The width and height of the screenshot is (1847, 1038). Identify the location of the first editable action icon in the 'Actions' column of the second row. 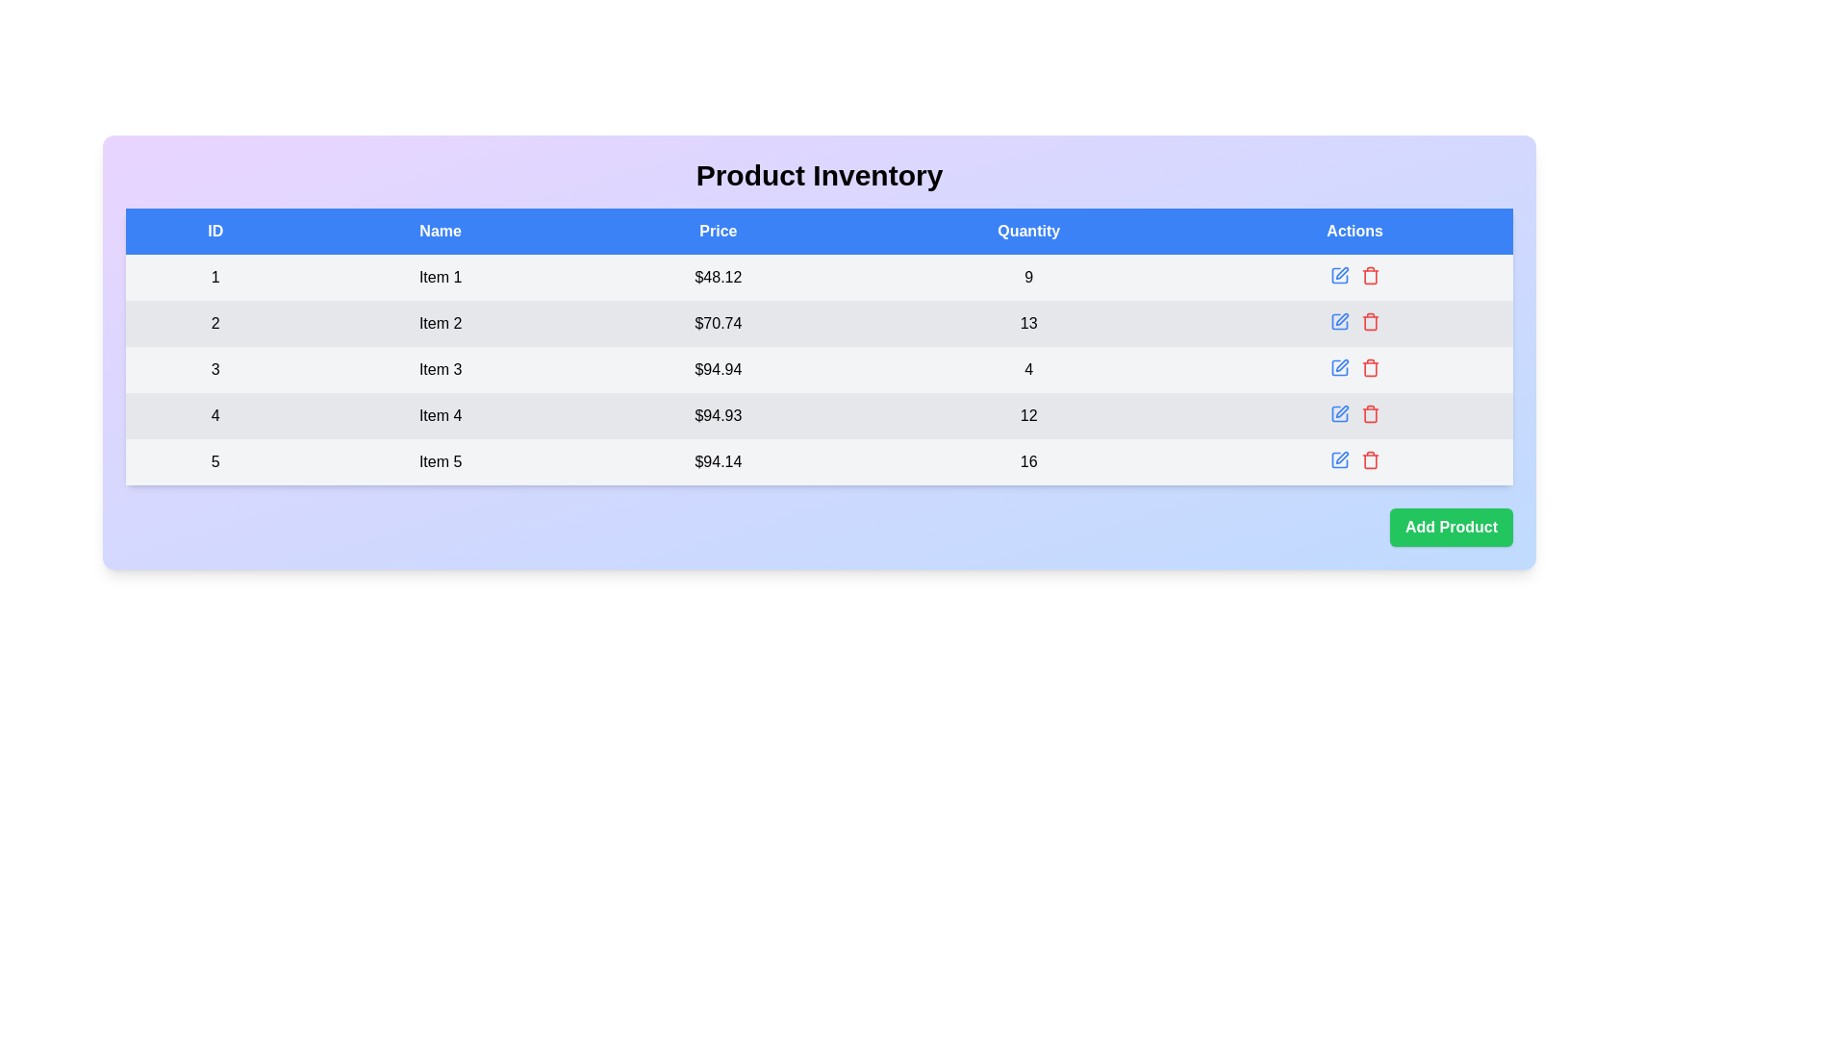
(1338, 321).